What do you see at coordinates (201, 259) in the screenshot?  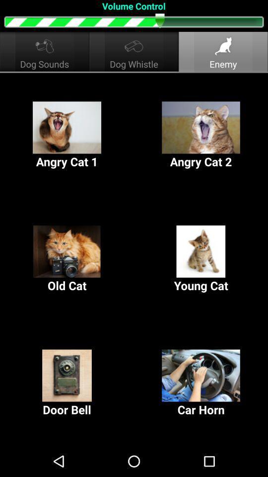 I see `button on the right` at bounding box center [201, 259].